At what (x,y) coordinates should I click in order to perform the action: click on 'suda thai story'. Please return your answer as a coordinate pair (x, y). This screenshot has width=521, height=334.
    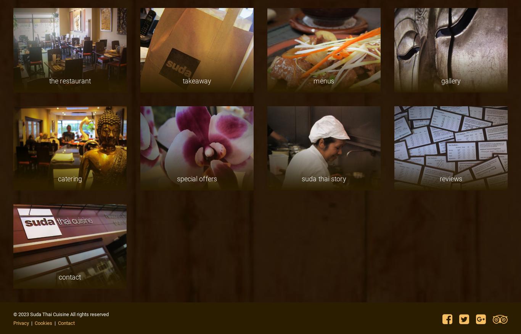
    Looking at the image, I should click on (323, 179).